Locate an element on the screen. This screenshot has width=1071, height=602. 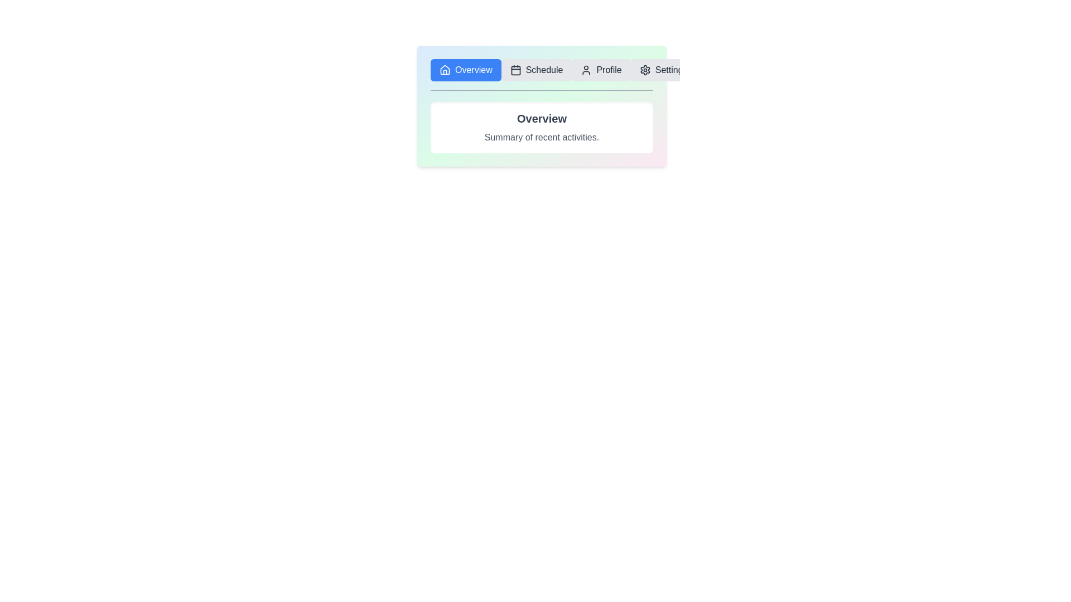
the tab labeled Profile is located at coordinates (601, 70).